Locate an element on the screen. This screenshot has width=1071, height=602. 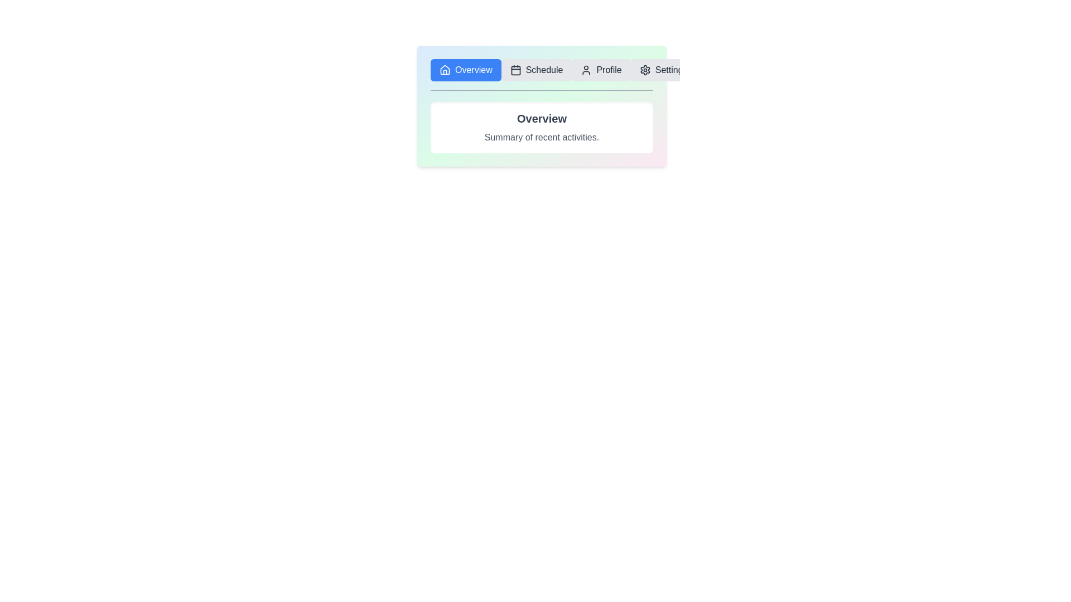
the tab labeled Profile is located at coordinates (601, 70).